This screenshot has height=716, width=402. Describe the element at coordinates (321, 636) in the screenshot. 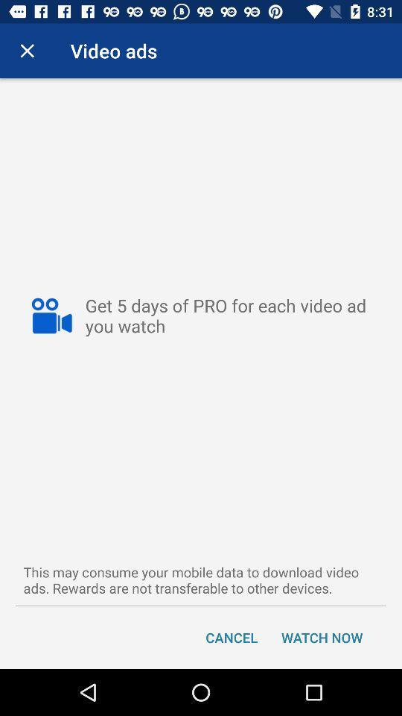

I see `the watch now item` at that location.